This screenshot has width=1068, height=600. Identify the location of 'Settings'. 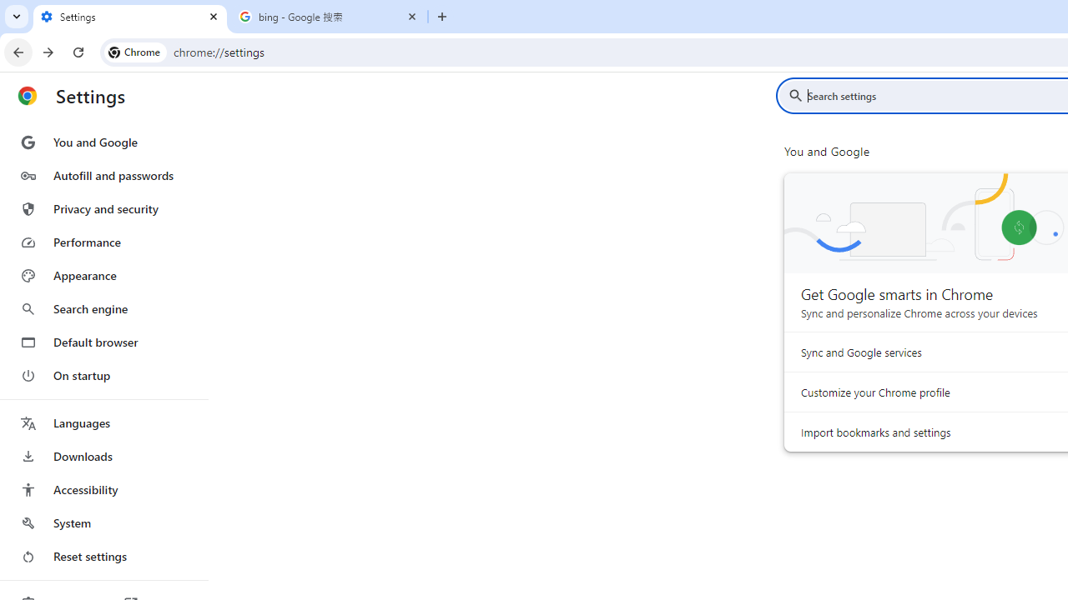
(129, 17).